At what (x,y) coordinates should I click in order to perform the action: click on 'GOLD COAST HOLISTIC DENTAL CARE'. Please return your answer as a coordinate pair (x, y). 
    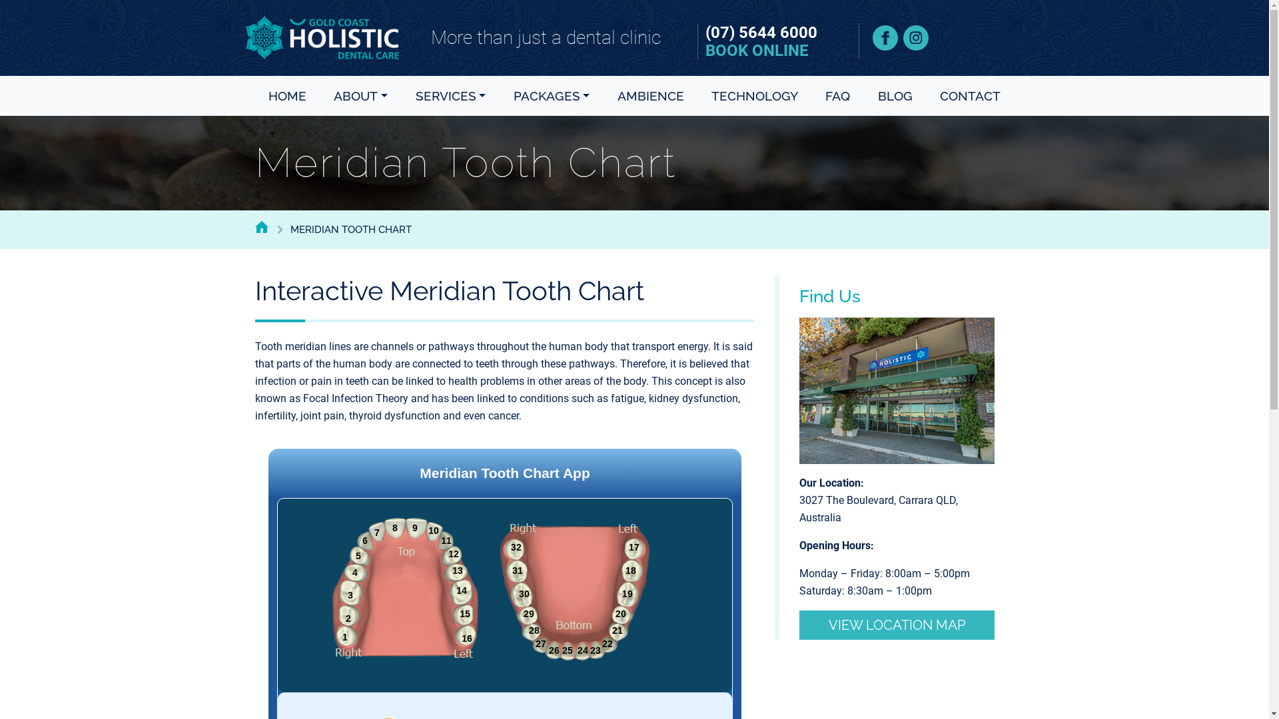
    Looking at the image, I should click on (261, 226).